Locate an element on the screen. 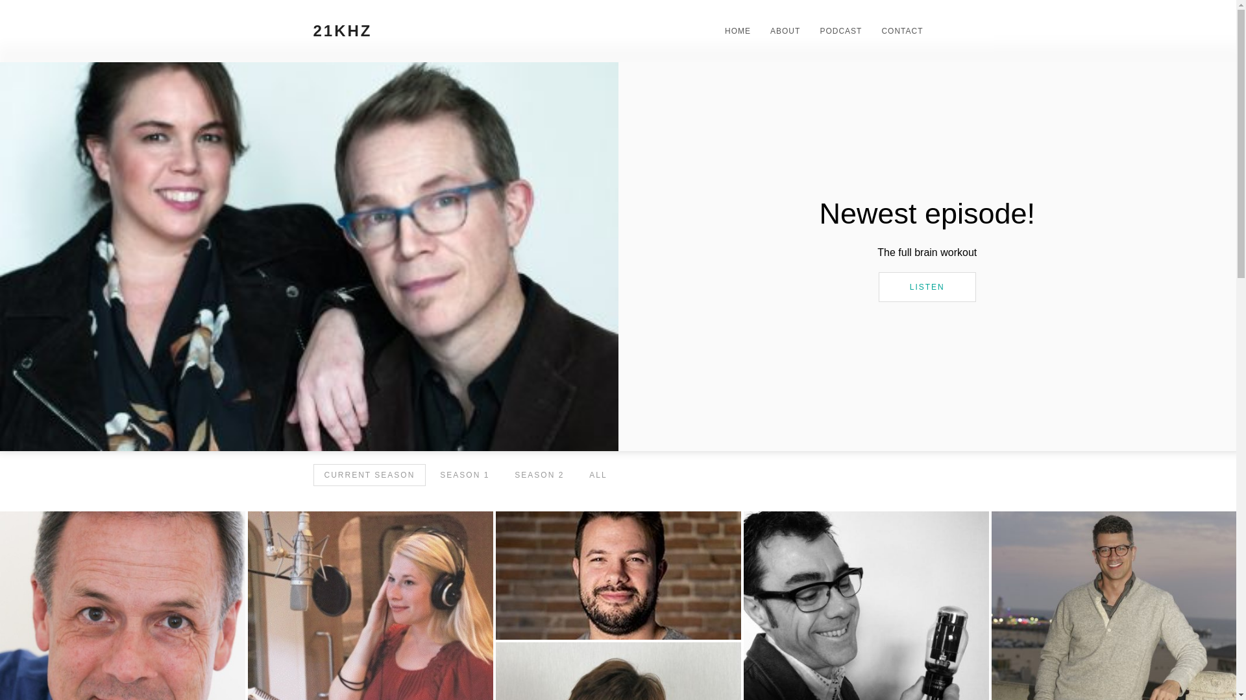 The width and height of the screenshot is (1246, 700). 'ALL' is located at coordinates (597, 474).